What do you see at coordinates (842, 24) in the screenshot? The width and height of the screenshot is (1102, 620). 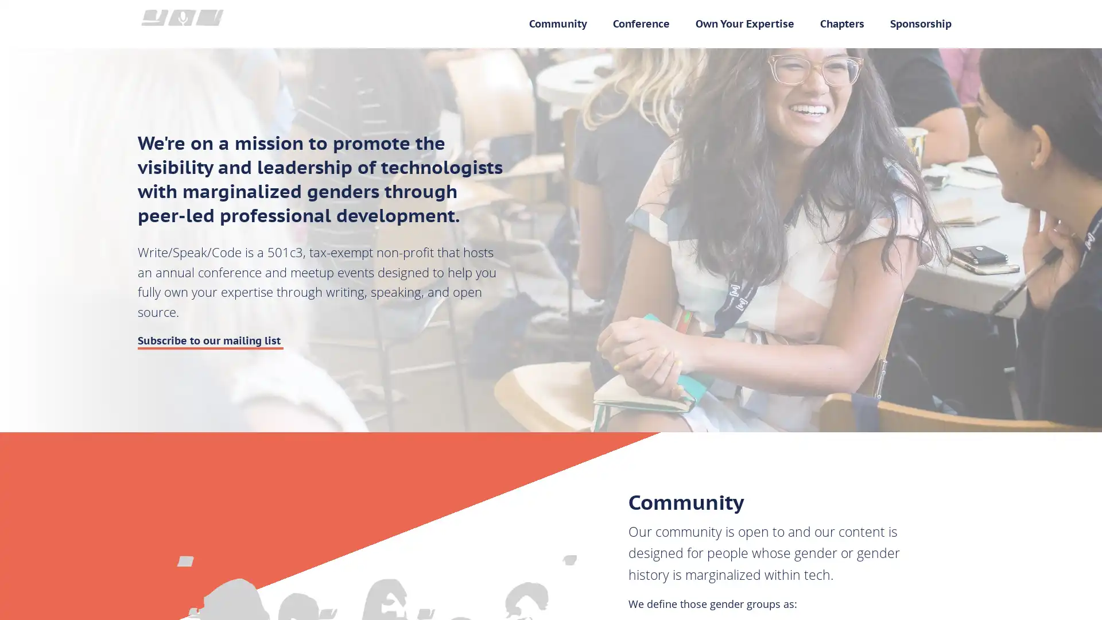 I see `Chapters` at bounding box center [842, 24].